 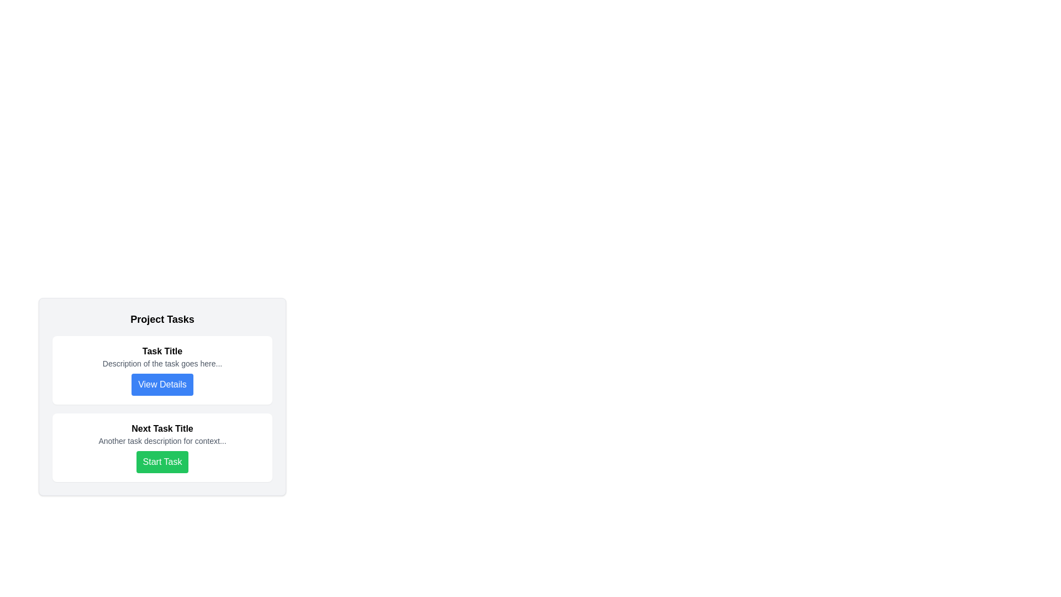 What do you see at coordinates (161, 364) in the screenshot?
I see `the non-interactive text label that provides context or details about the main task title, located beneath the 'Task Title' header and above the 'View Details' button` at bounding box center [161, 364].